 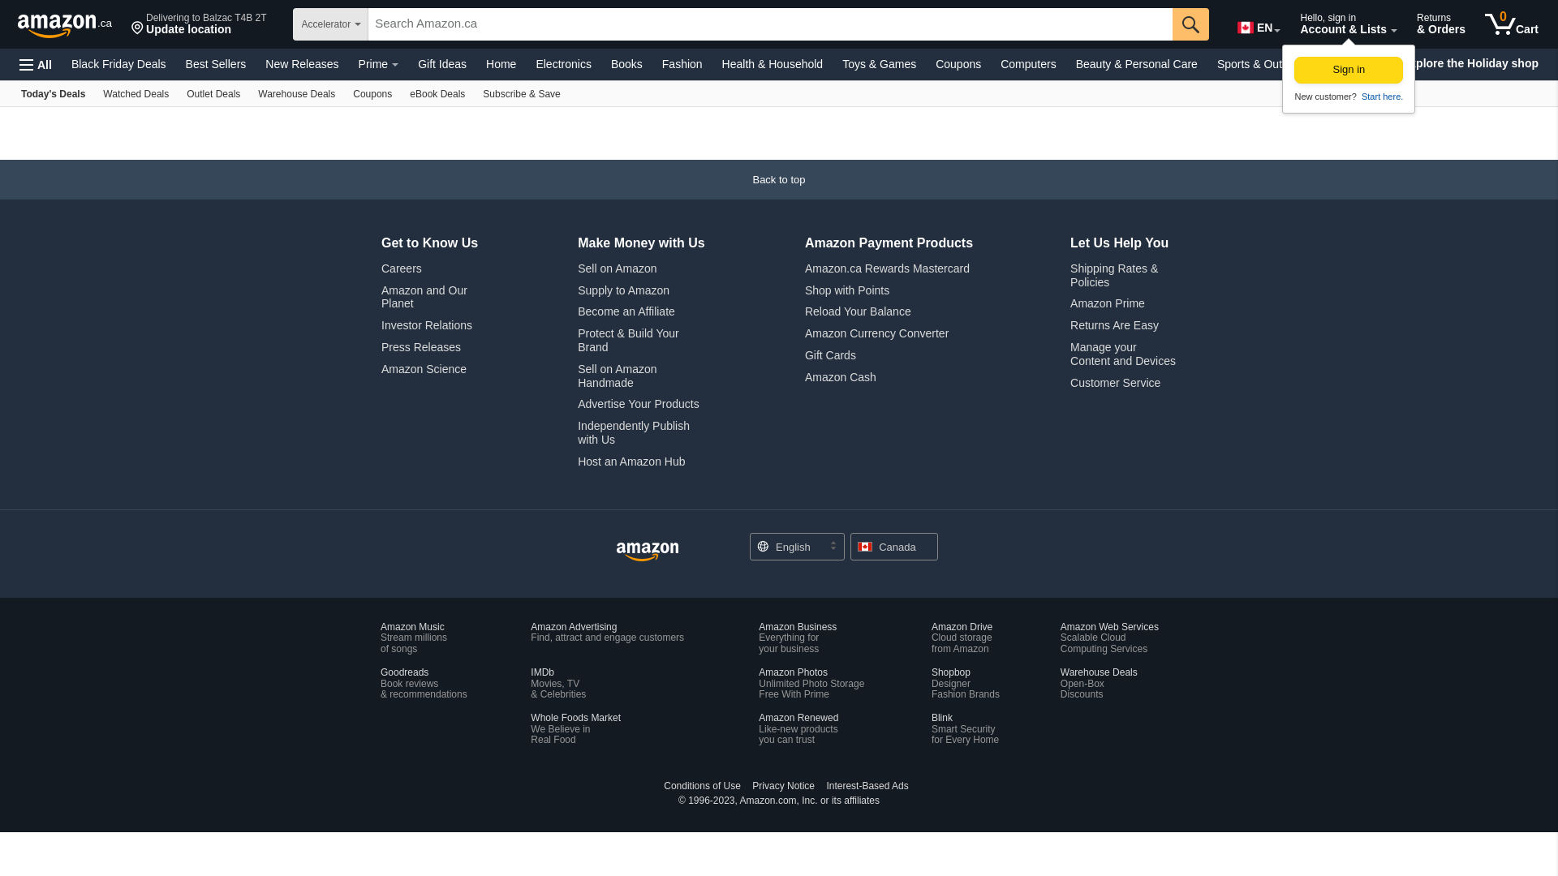 What do you see at coordinates (797, 547) in the screenshot?
I see `'English'` at bounding box center [797, 547].